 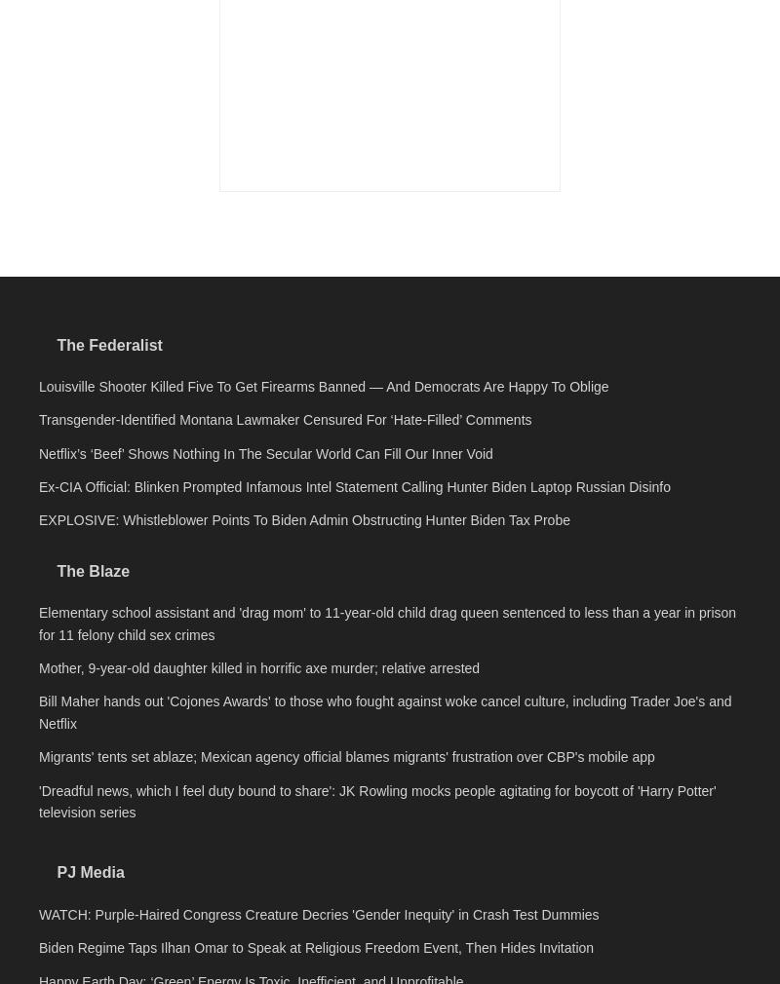 What do you see at coordinates (285, 692) in the screenshot?
I see `'Transgender-Identified Montana Lawmaker Censured For ‘Hate-Filled’ Comments'` at bounding box center [285, 692].